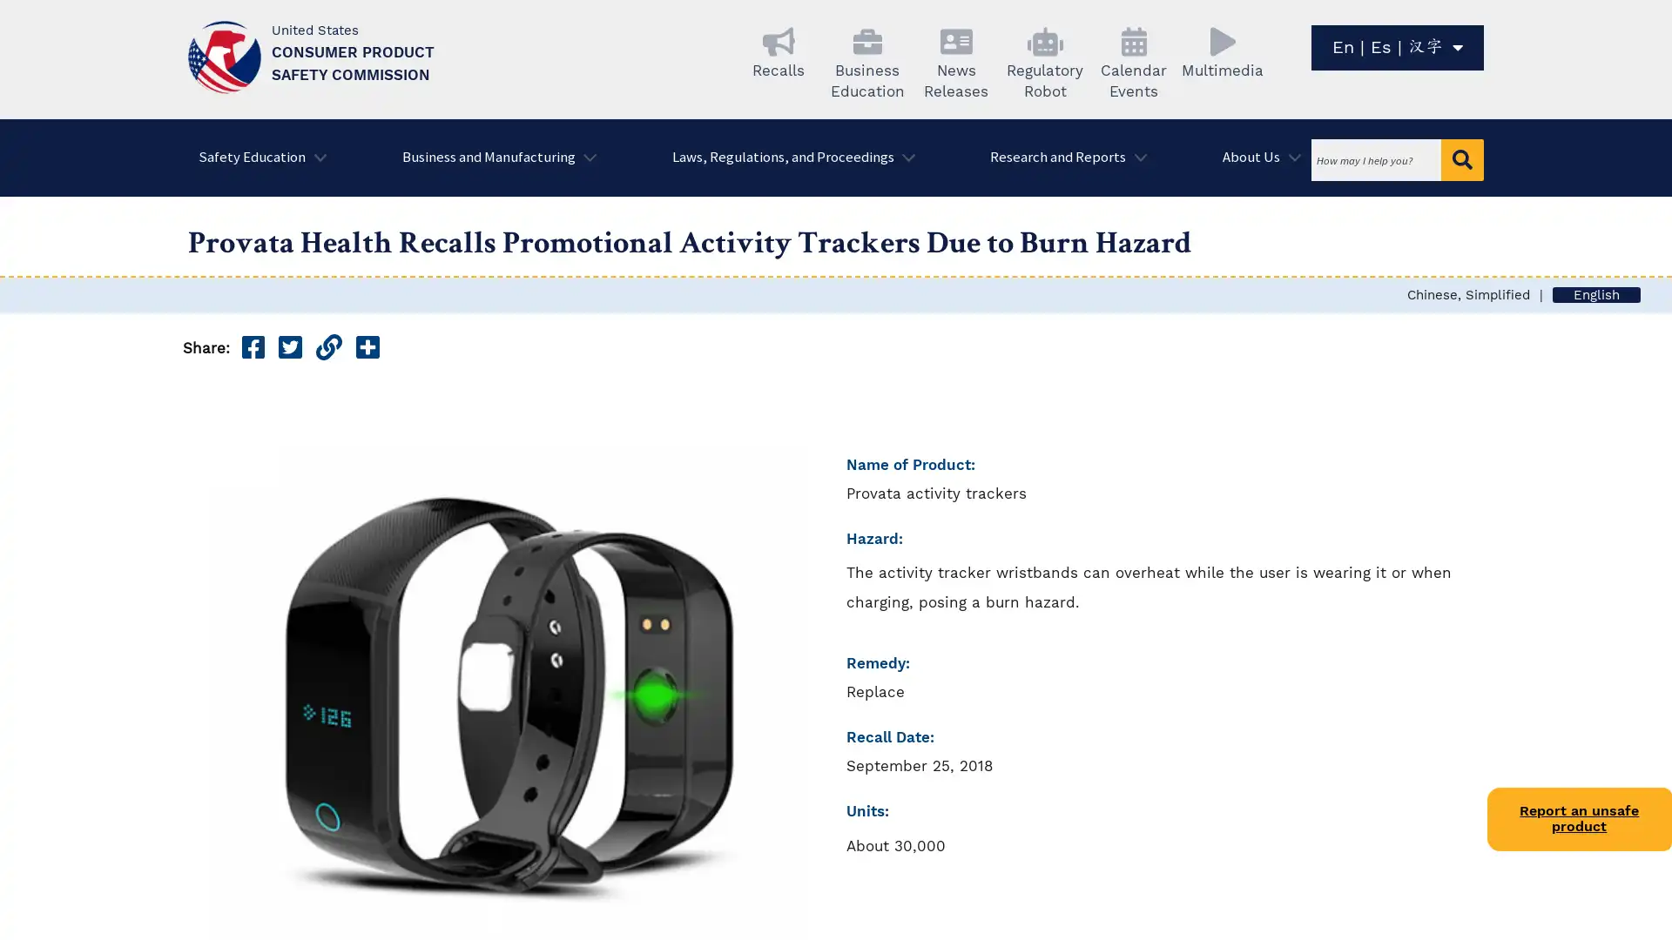 This screenshot has width=1672, height=940. Describe the element at coordinates (786, 158) in the screenshot. I see `Laws, Regulations, and Proceedings` at that location.